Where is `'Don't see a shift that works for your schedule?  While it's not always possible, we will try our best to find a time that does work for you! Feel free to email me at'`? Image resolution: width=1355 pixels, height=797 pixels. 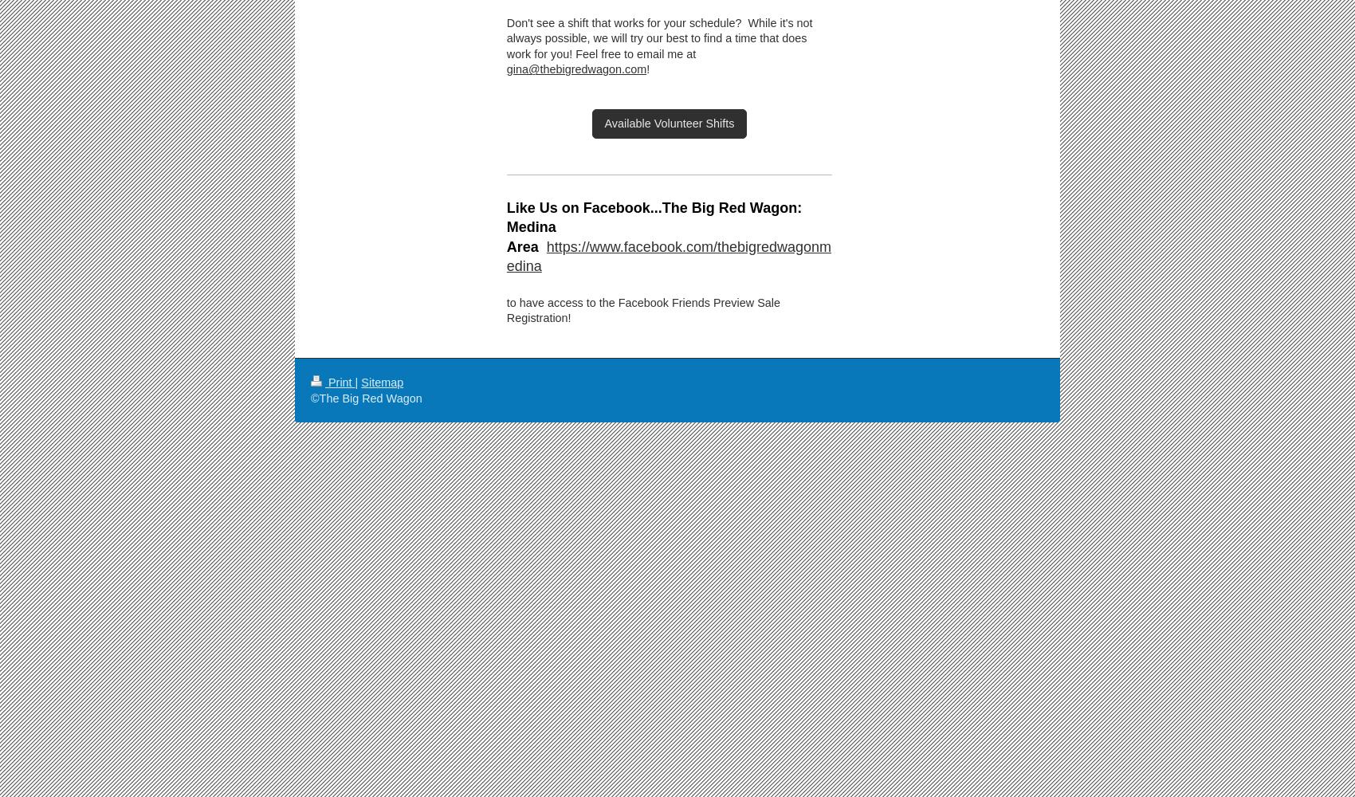
'Don't see a shift that works for your schedule?  While it's not always possible, we will try our best to find a time that does work for you! Feel free to email me at' is located at coordinates (505, 38).